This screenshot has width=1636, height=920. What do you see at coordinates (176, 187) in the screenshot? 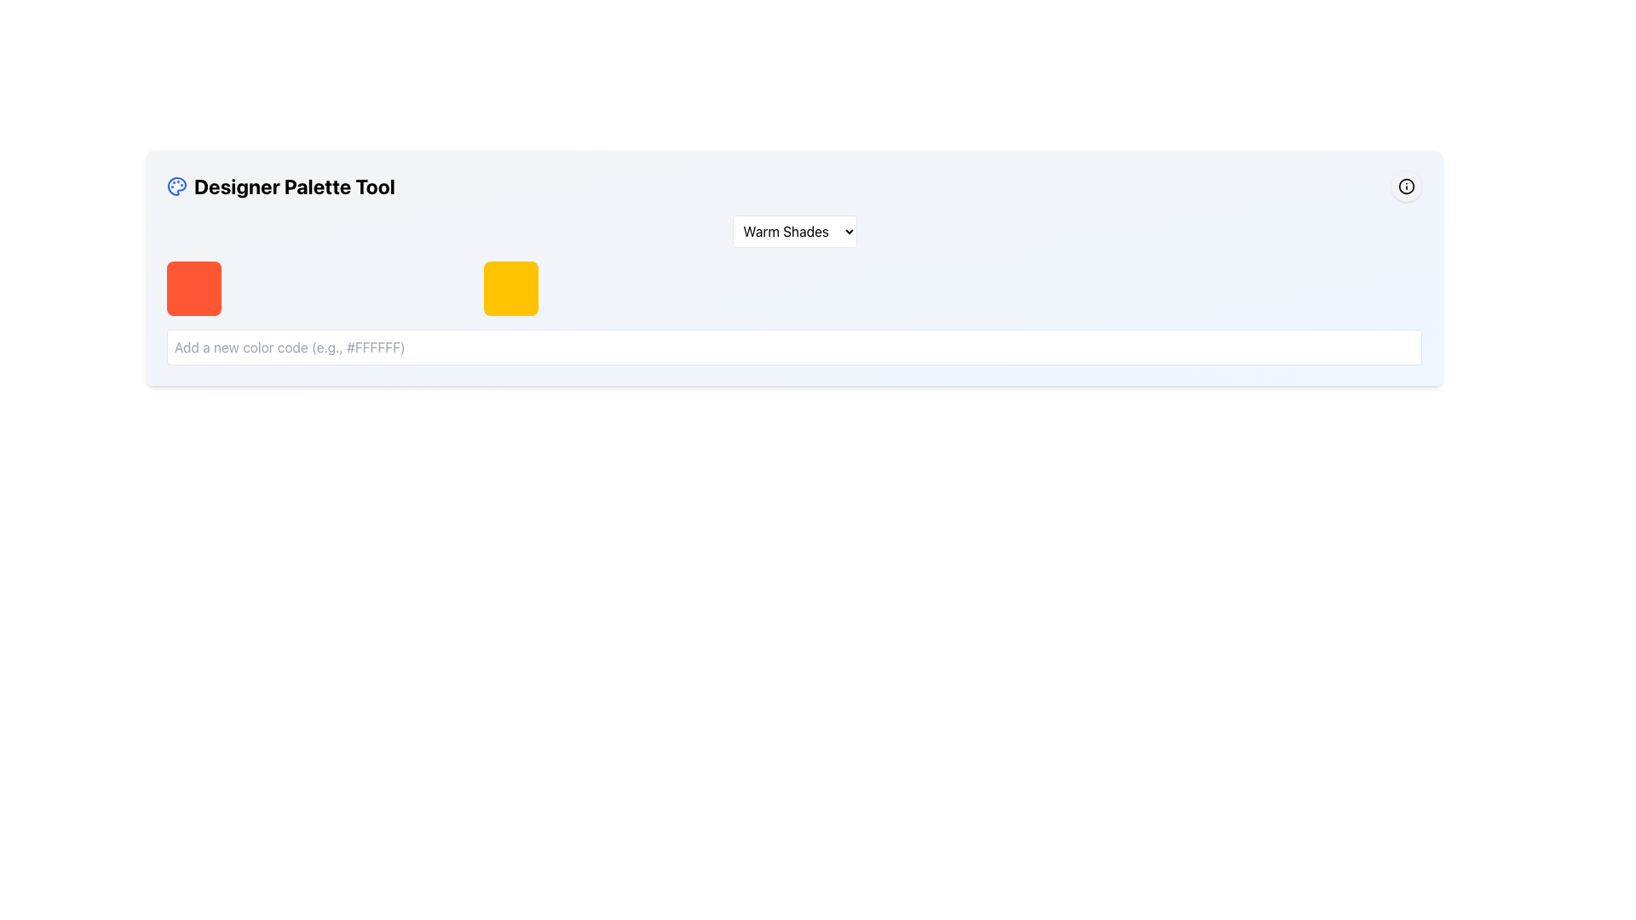
I see `the design-related icon located at the top left corner of the interface, preceding the text 'Designer Palette Tool'` at bounding box center [176, 187].